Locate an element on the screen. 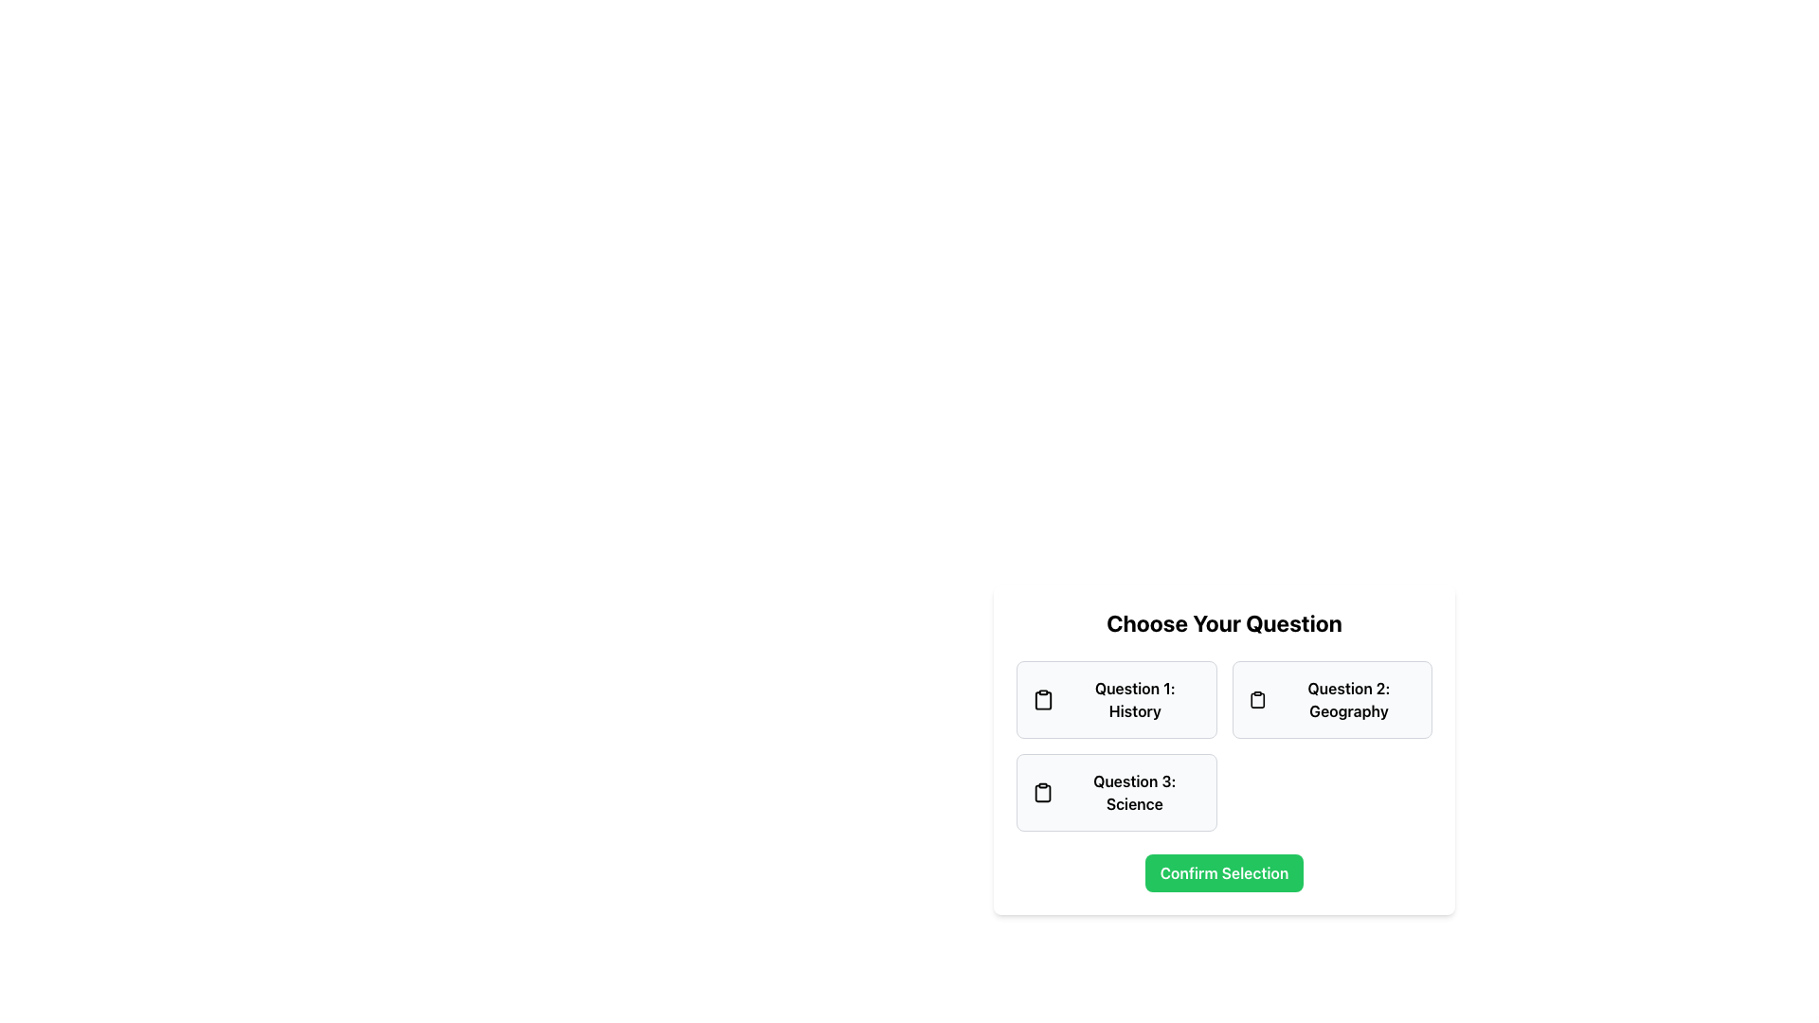  the selectable card that represents 'Question 1: History' in the grid layout of options titled 'Choose Your Question' is located at coordinates (1116, 700).